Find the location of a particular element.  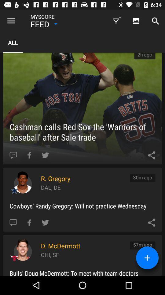

the add icon is located at coordinates (147, 258).